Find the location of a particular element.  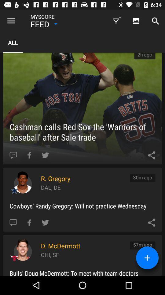

the add icon is located at coordinates (147, 258).